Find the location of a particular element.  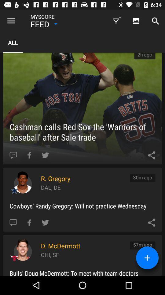

the add icon is located at coordinates (147, 258).